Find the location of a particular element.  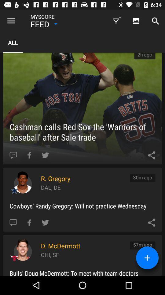

the add icon is located at coordinates (147, 258).